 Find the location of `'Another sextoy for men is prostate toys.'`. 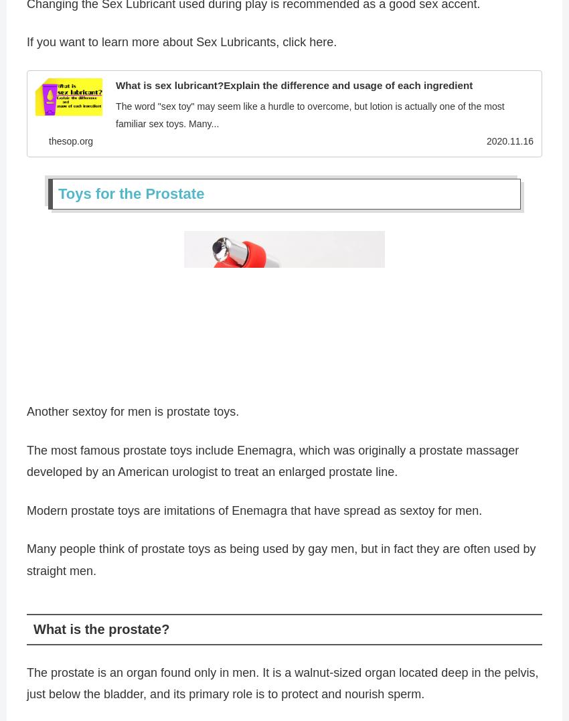

'Another sextoy for men is prostate toys.' is located at coordinates (132, 414).